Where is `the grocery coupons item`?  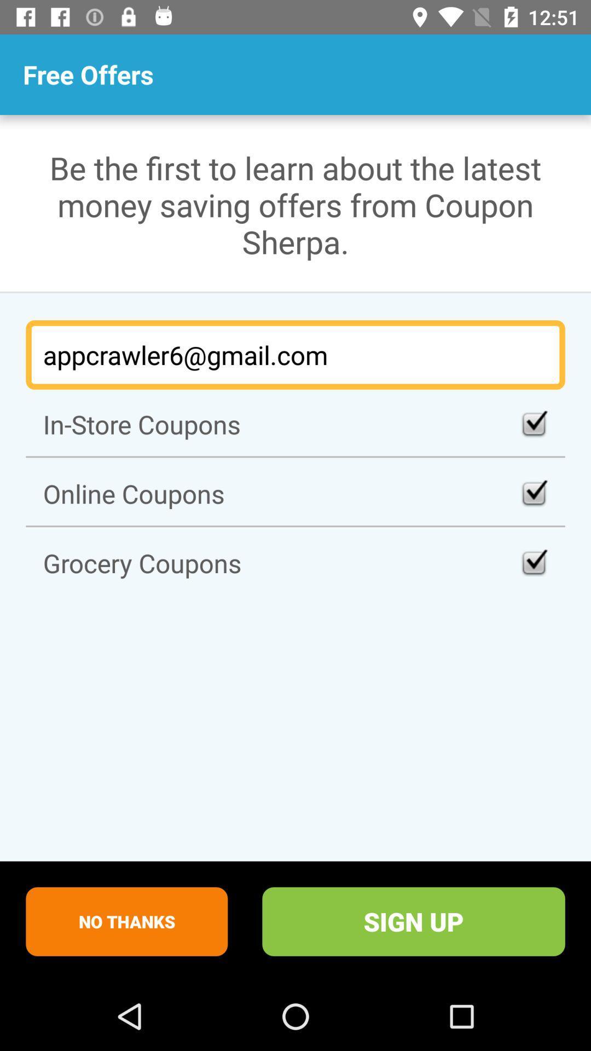
the grocery coupons item is located at coordinates (296, 563).